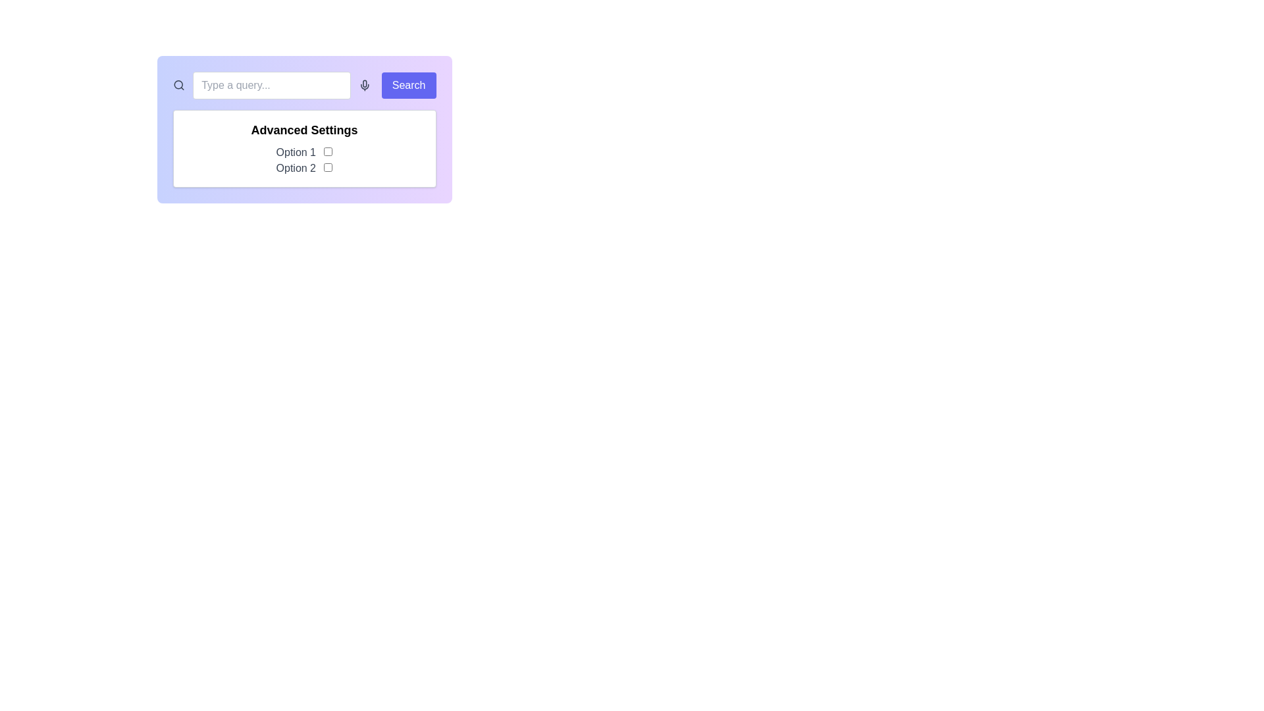 This screenshot has height=711, width=1264. I want to click on the text label 'Option 1' which is styled with gray text color and positioned next to a checkbox in the 'Advanced Settings' section, so click(303, 151).